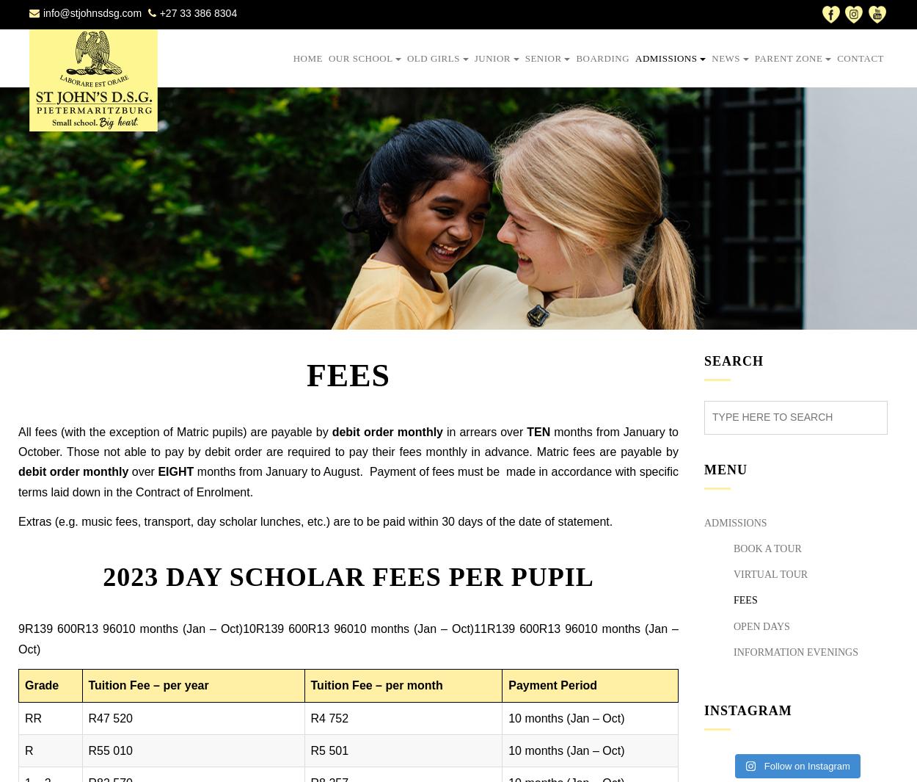 This screenshot has width=917, height=782. Describe the element at coordinates (33, 717) in the screenshot. I see `'RR'` at that location.